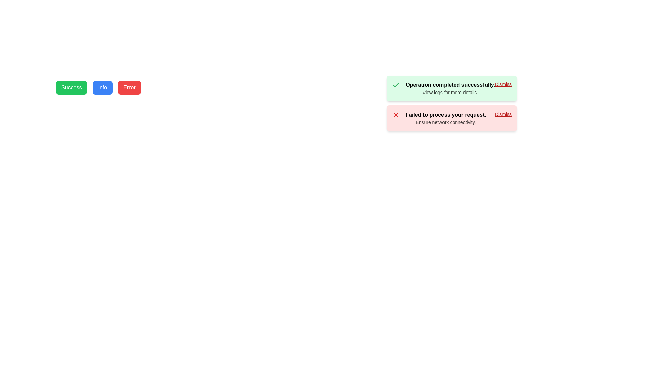 Image resolution: width=651 pixels, height=366 pixels. I want to click on the 'Dismiss' hyperlink, which is styled as underlined red text within a green informational alert box located in the top-right corner of the page, so click(503, 84).